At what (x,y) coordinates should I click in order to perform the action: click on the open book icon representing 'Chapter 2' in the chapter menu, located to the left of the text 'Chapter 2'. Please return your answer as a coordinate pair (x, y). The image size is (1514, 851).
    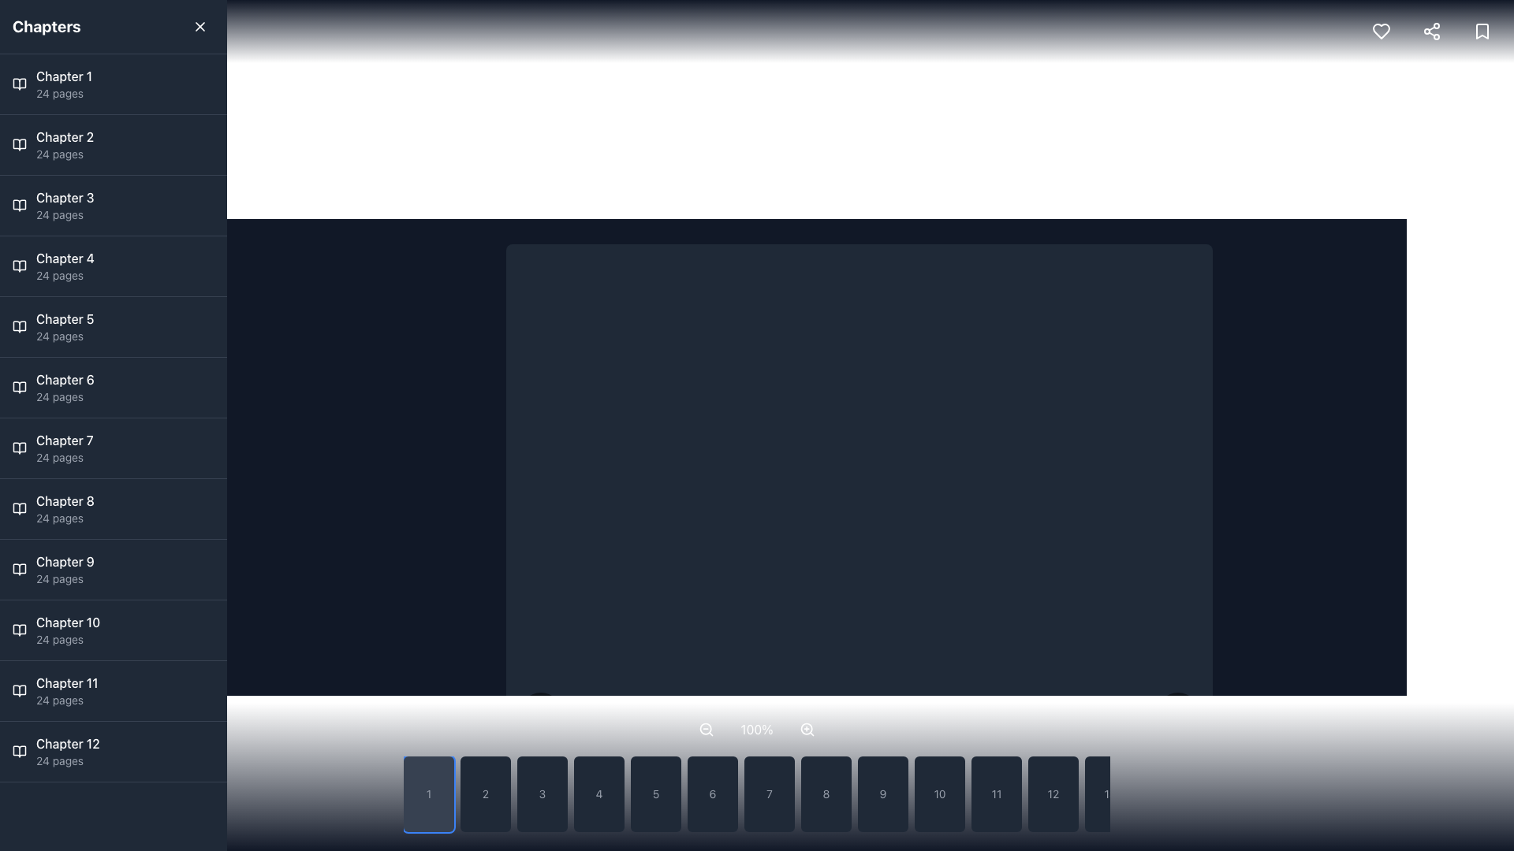
    Looking at the image, I should click on (19, 145).